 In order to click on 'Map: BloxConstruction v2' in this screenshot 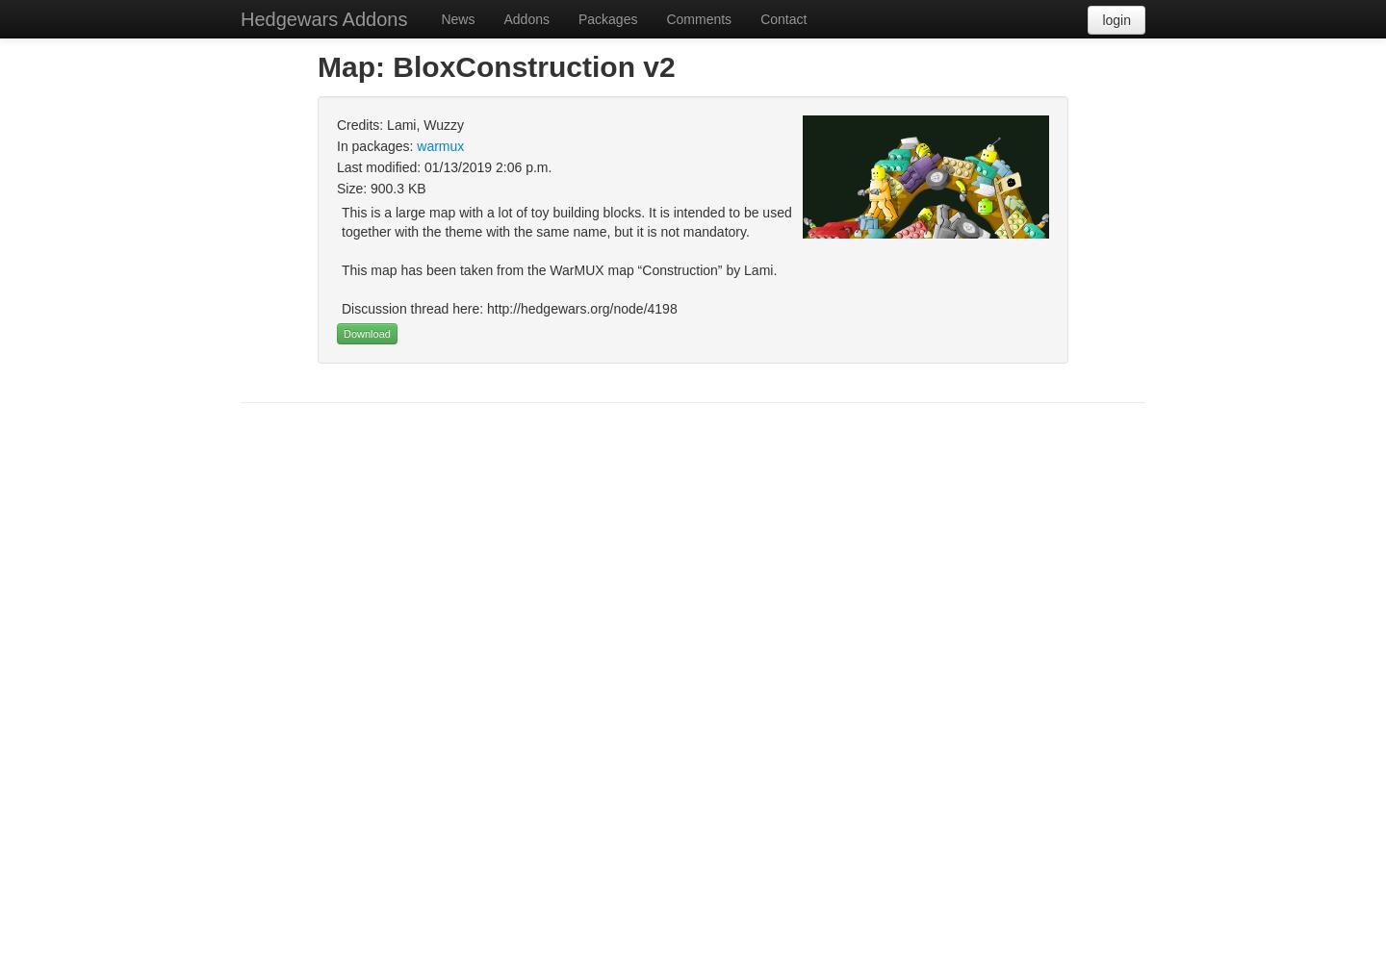, I will do `click(495, 65)`.